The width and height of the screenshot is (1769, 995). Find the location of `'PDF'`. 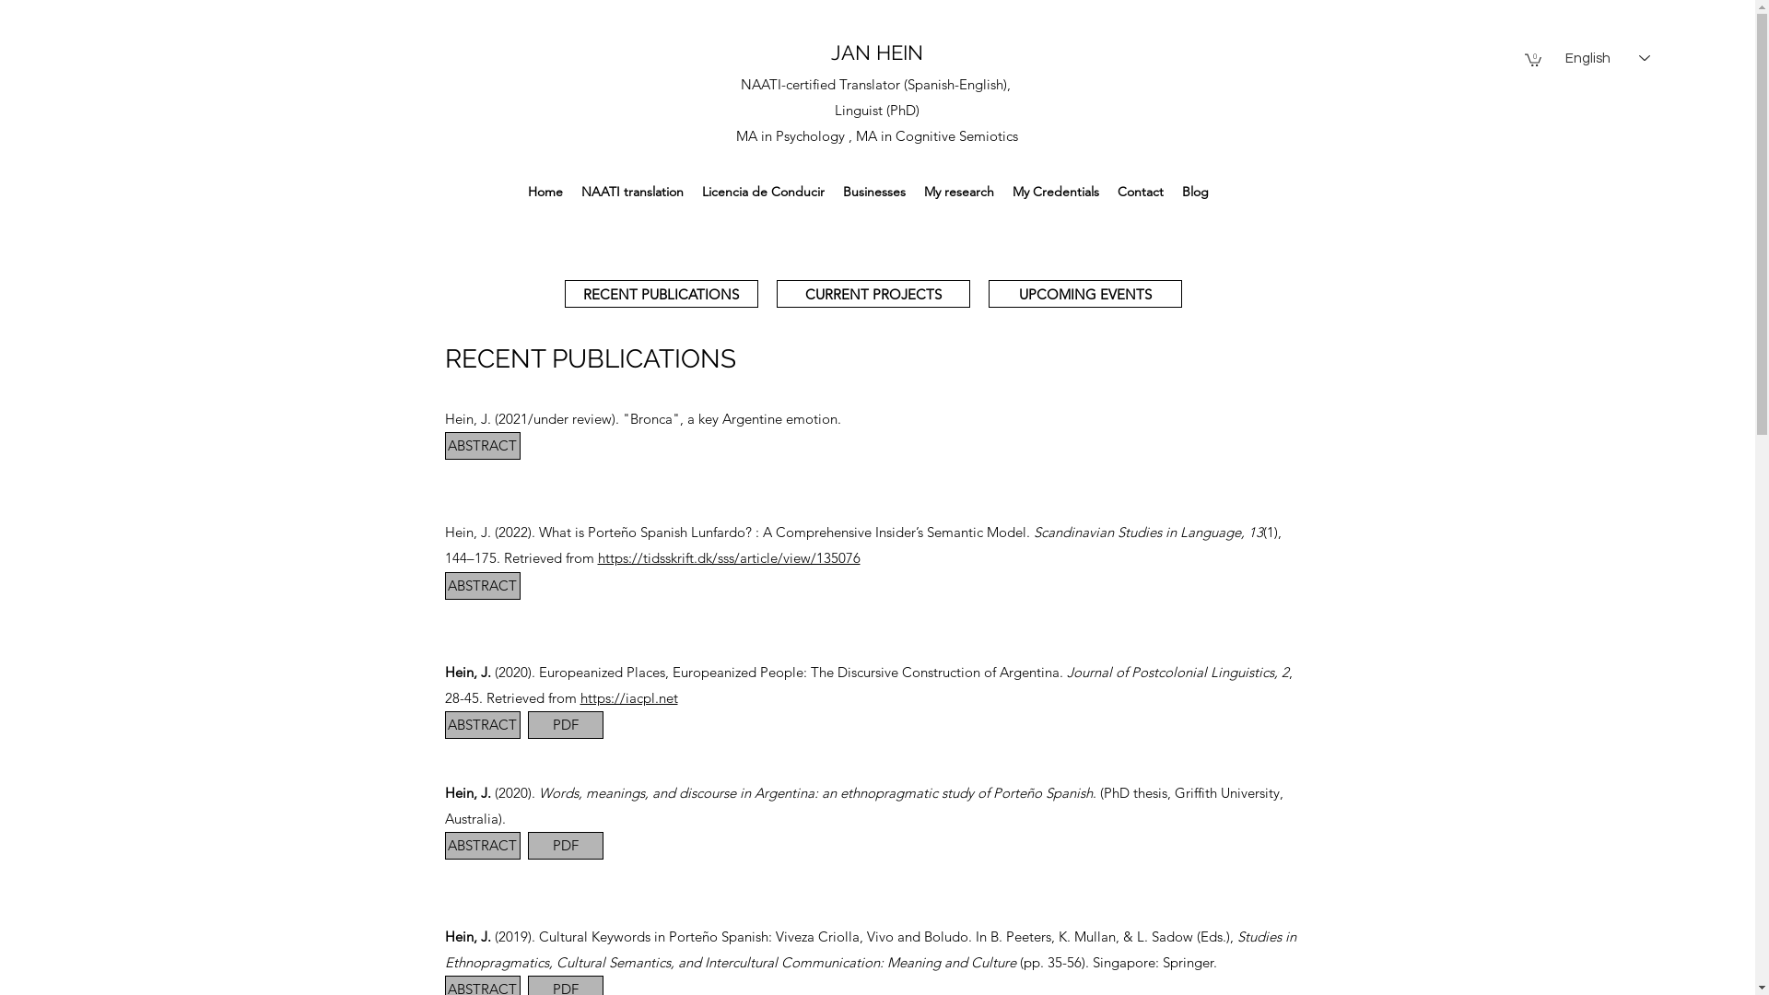

'PDF' is located at coordinates (564, 723).